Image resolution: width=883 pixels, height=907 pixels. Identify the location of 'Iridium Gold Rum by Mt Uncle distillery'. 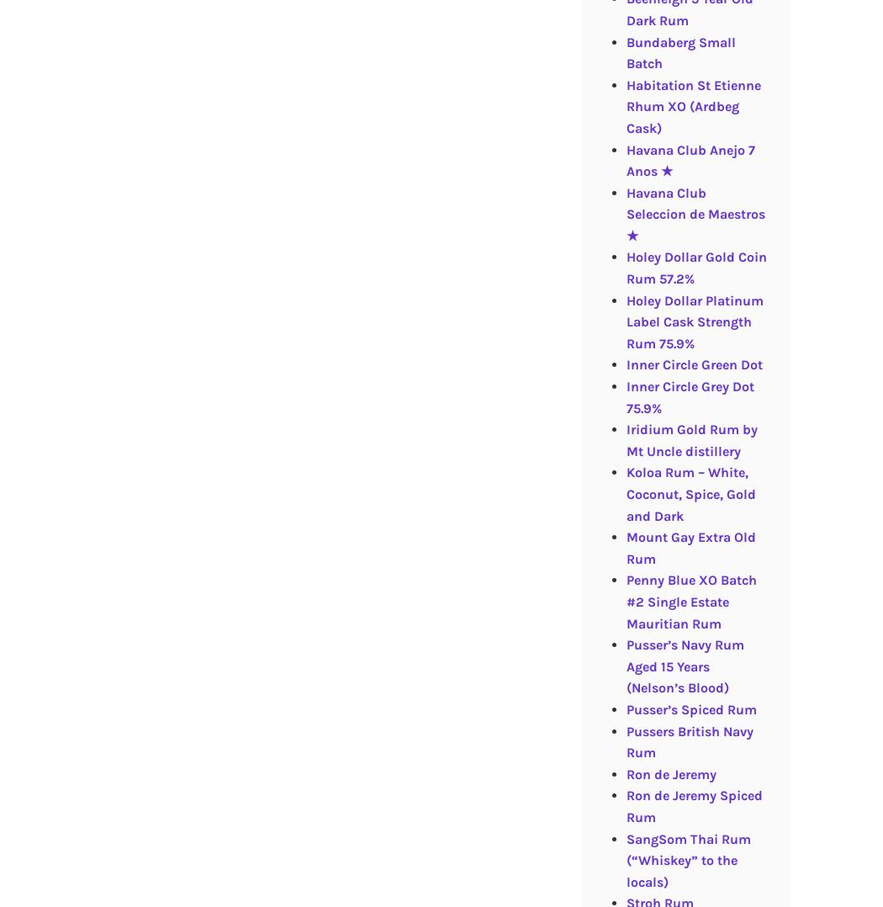
(690, 440).